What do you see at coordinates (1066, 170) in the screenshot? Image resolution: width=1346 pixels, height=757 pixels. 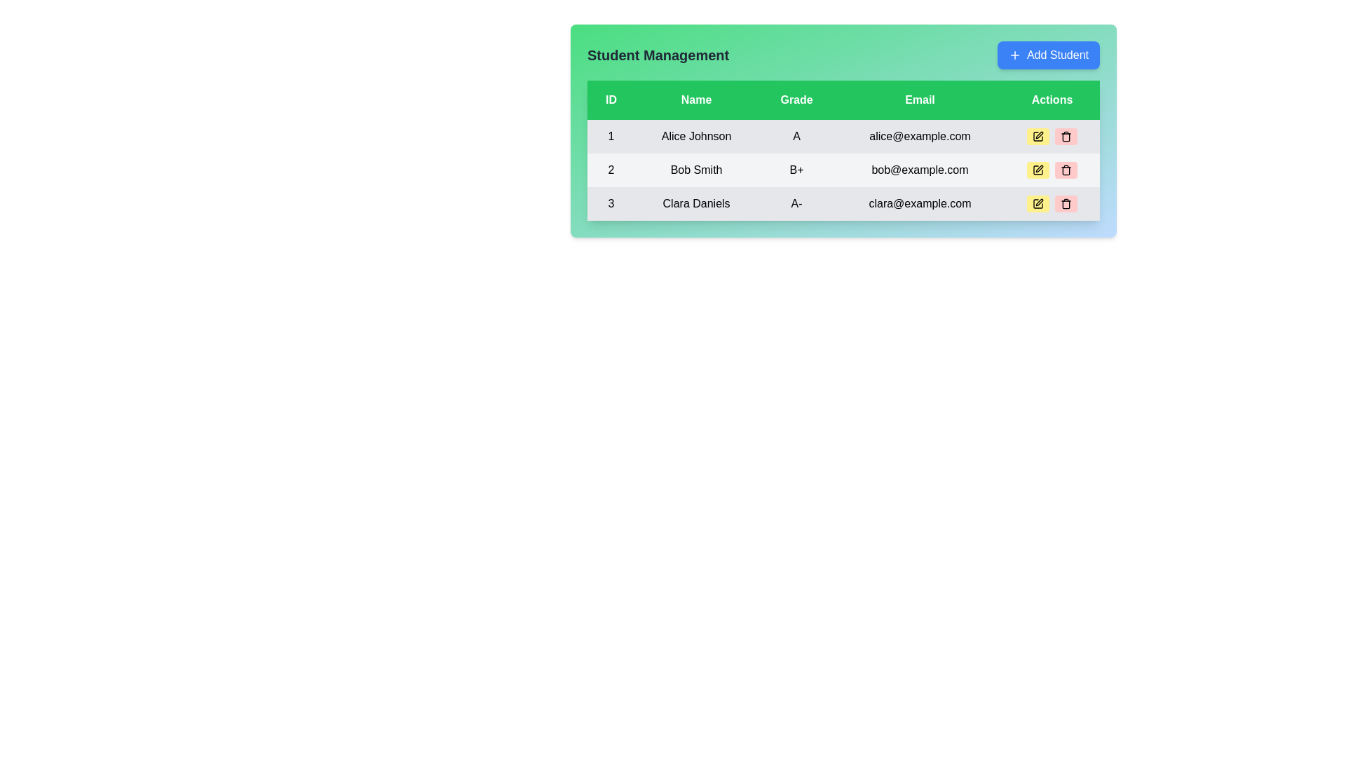 I see `the trash icon button with a light red background in the 'Actions' column for 'Bob Smith'` at bounding box center [1066, 170].